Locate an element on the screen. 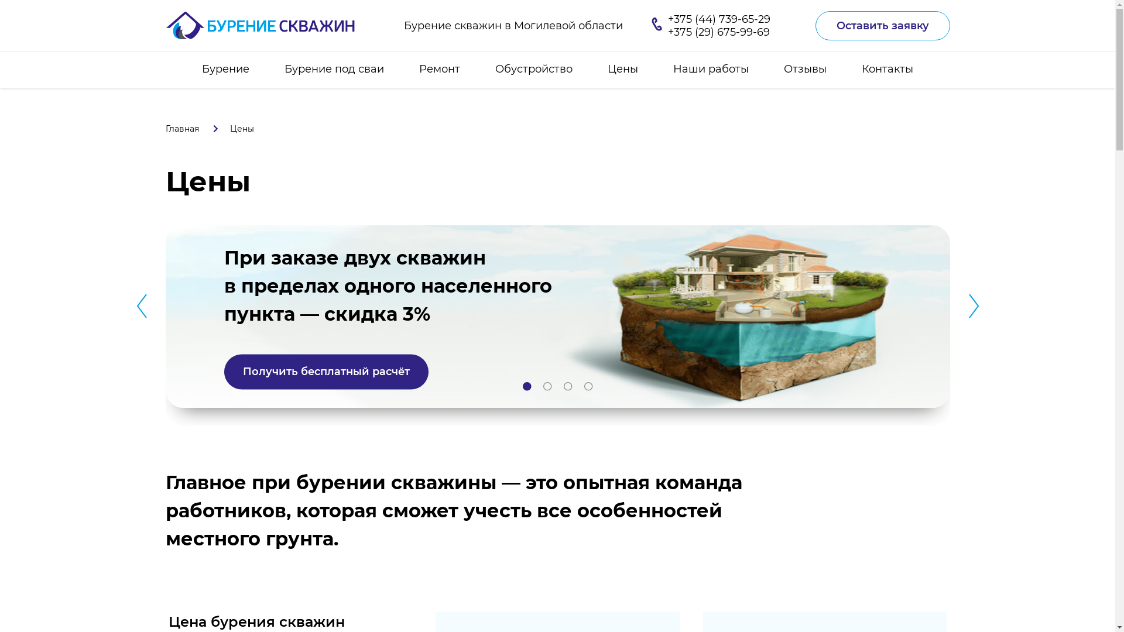 Image resolution: width=1124 pixels, height=632 pixels. '+375 (44) 739-65-29' is located at coordinates (718, 19).